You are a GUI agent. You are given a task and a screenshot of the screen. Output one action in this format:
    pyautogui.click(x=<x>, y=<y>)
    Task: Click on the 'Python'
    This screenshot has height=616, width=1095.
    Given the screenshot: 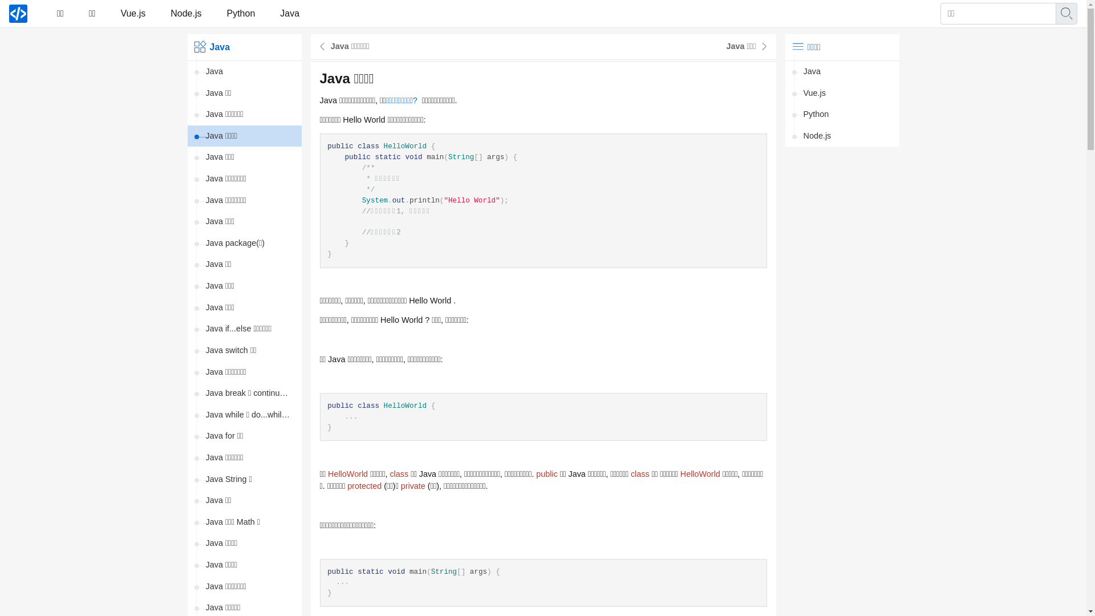 What is the action you would take?
    pyautogui.click(x=240, y=13)
    